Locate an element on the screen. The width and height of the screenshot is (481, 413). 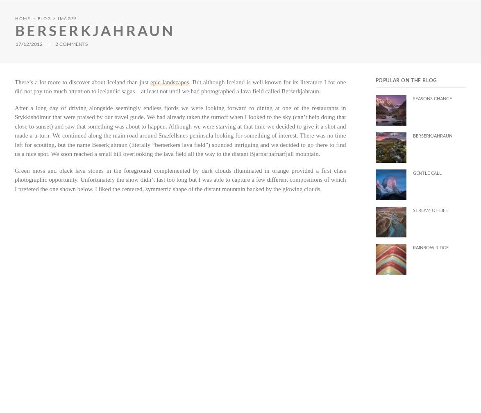
'Home' is located at coordinates (23, 18).